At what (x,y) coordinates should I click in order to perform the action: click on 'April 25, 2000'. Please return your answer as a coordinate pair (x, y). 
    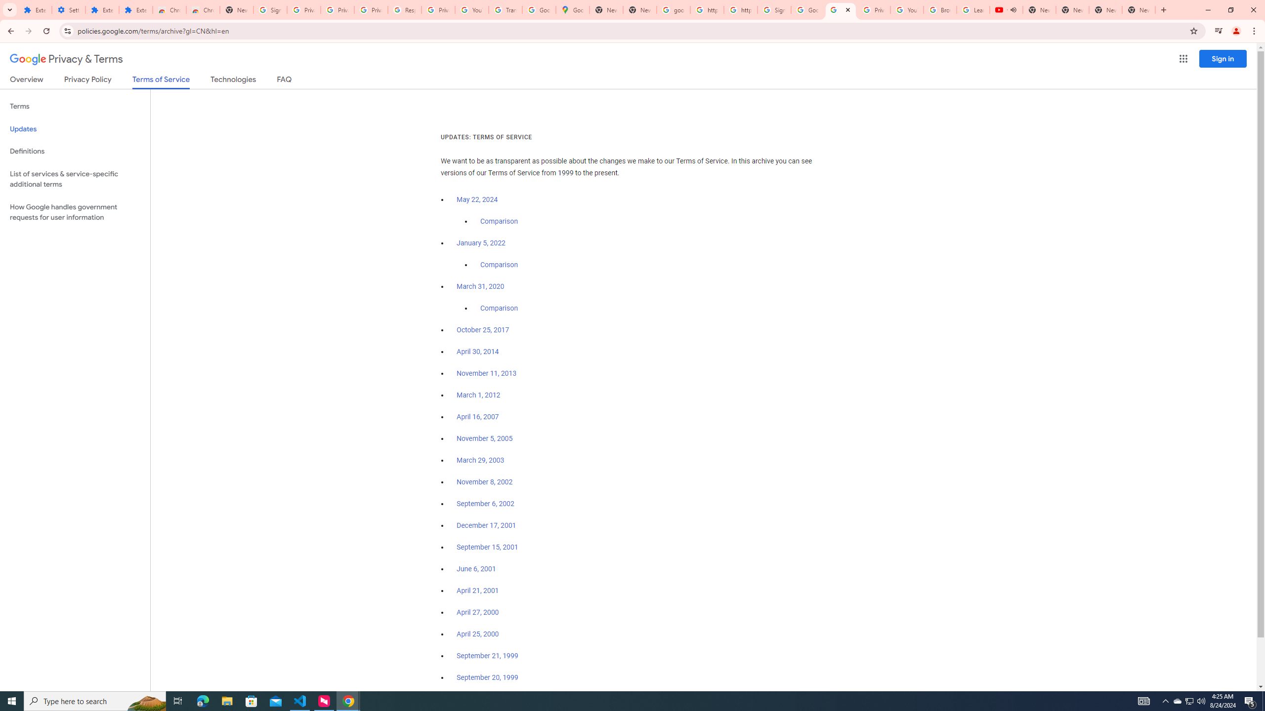
    Looking at the image, I should click on (477, 633).